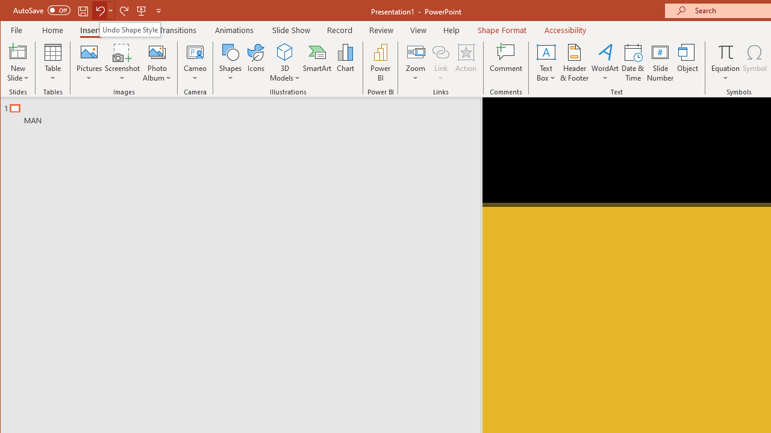  Describe the element at coordinates (17, 29) in the screenshot. I see `'File Tab'` at that location.